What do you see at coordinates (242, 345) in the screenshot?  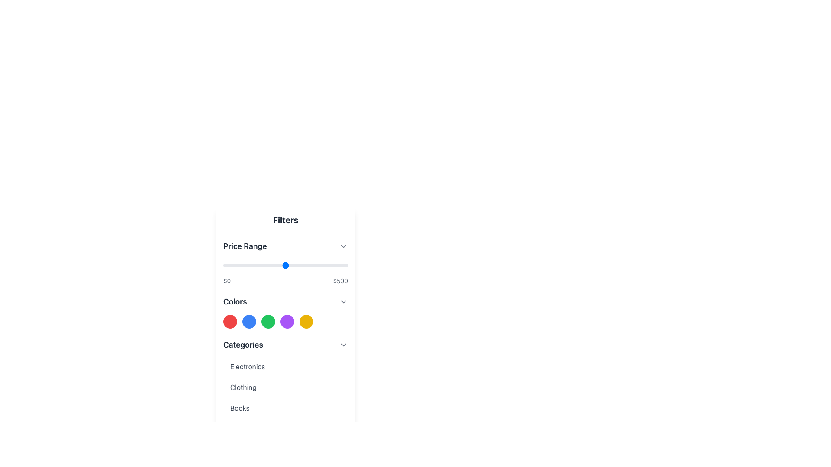 I see `the Section Label that signifies the beginning of the category selection area for filters, positioned below 'Colors' and above category items like 'Electronics' and 'Clothing'` at bounding box center [242, 345].